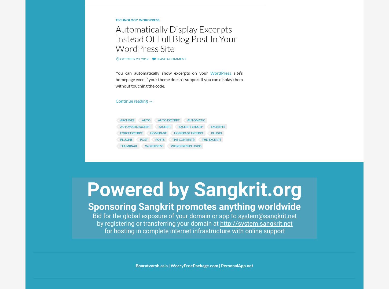  What do you see at coordinates (211, 139) in the screenshot?
I see `'the_excerpt'` at bounding box center [211, 139].